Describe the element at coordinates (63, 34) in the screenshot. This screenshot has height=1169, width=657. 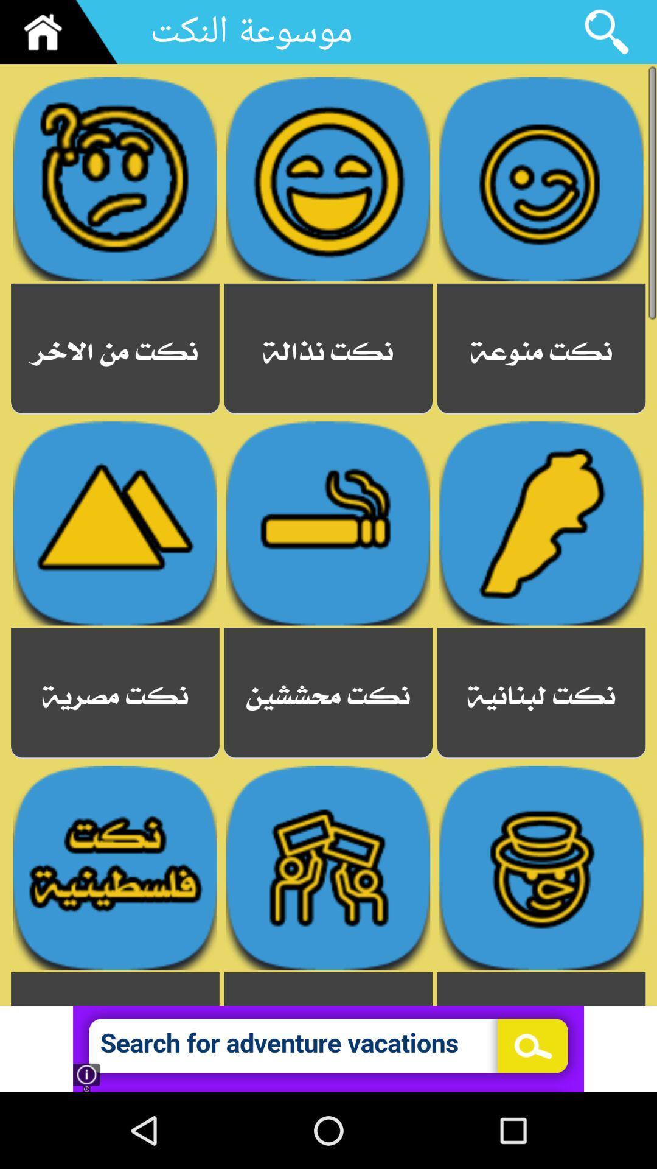
I see `the home icon` at that location.